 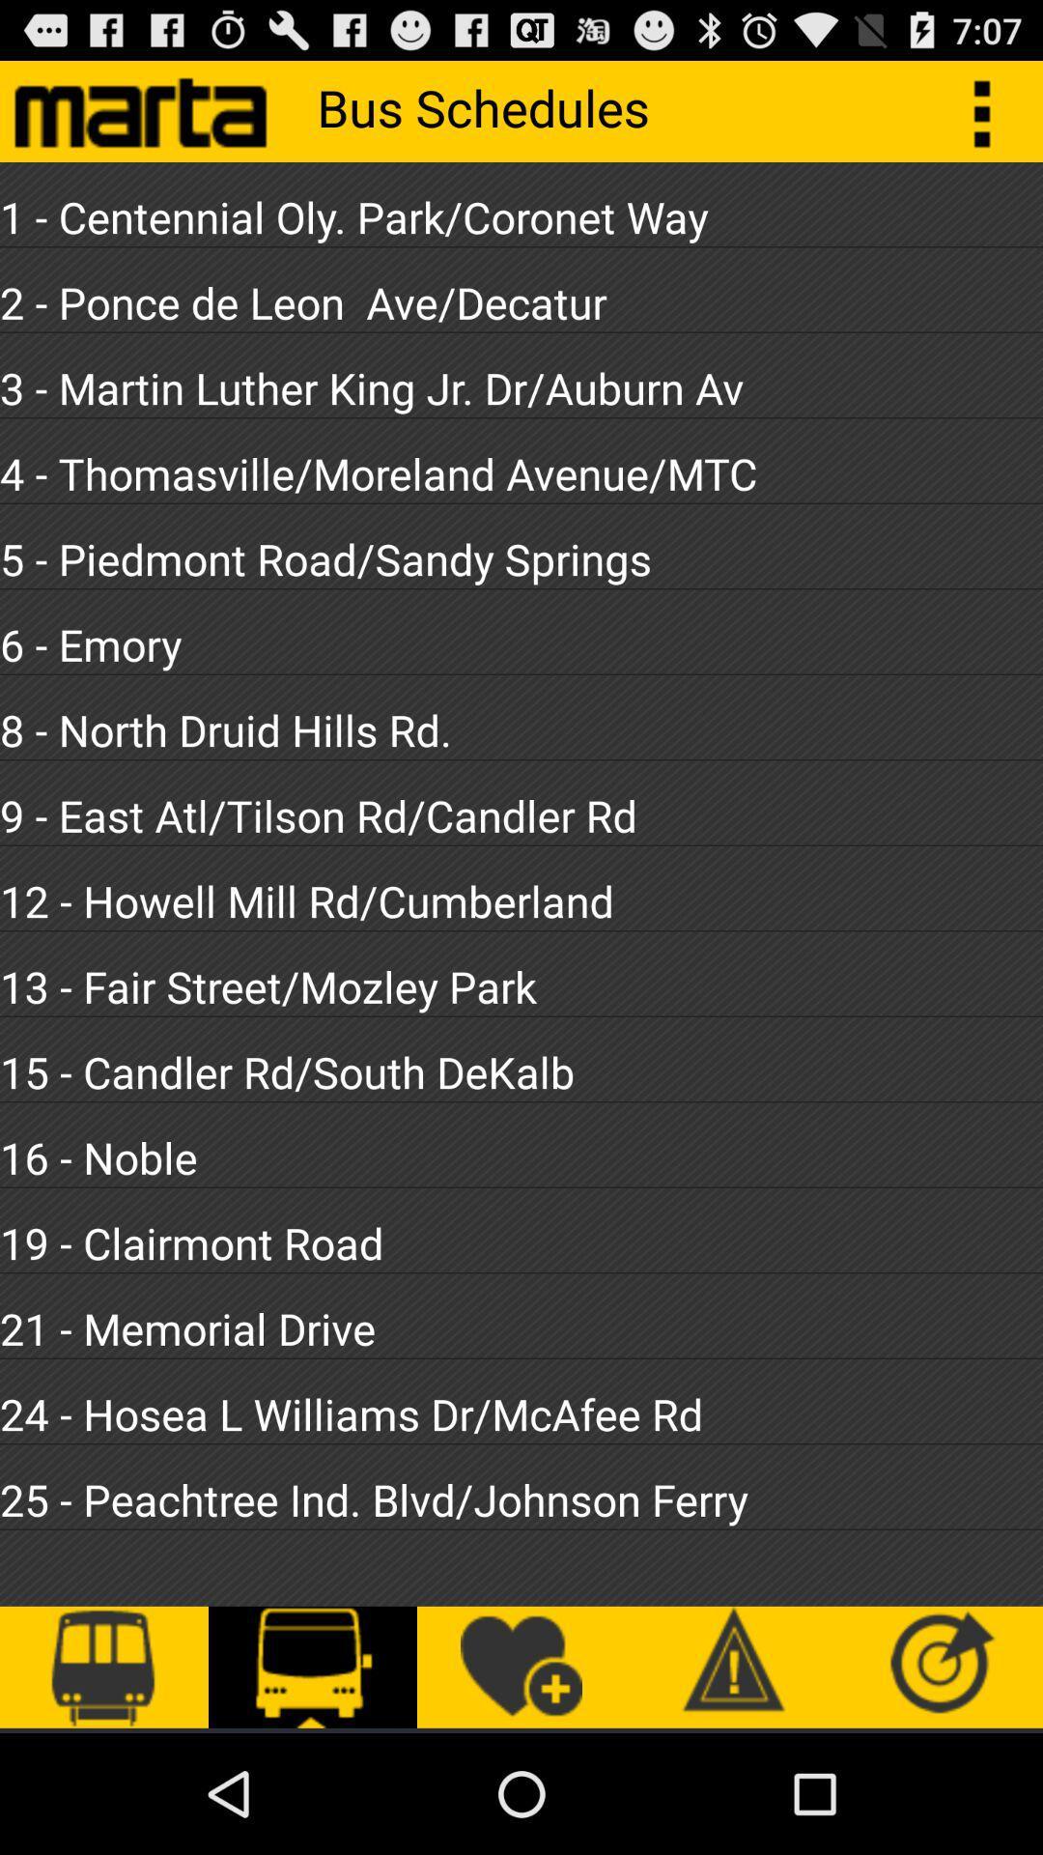 What do you see at coordinates (730, 1667) in the screenshot?
I see `the warining symbol icon` at bounding box center [730, 1667].